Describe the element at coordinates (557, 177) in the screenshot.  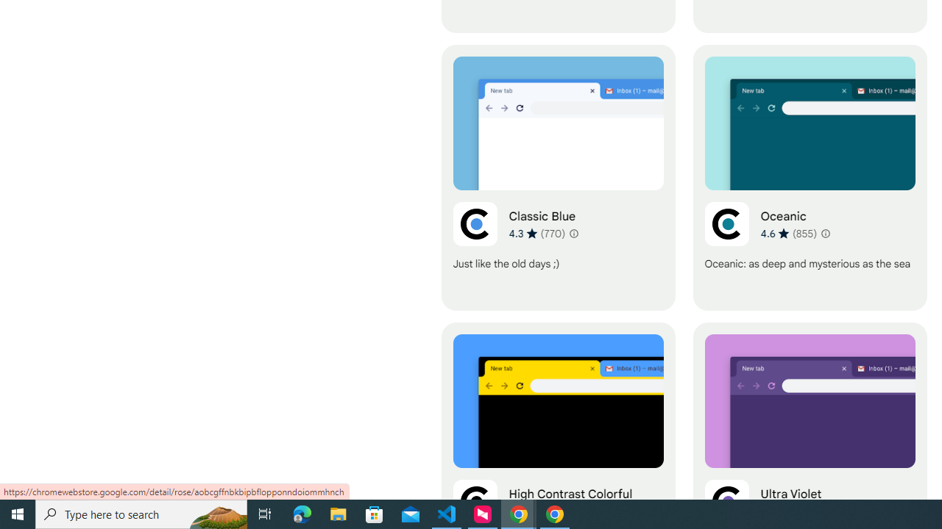
I see `'Classic Blue'` at that location.